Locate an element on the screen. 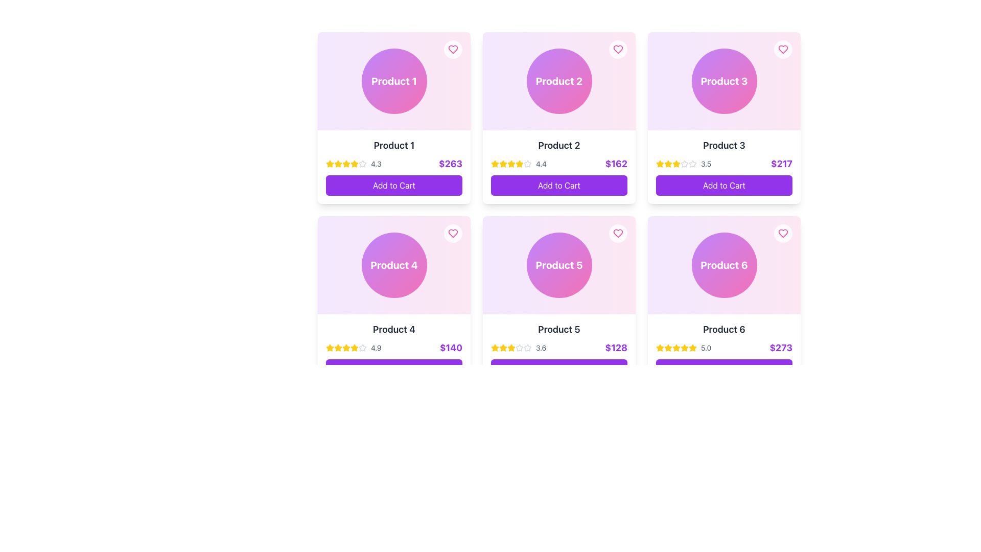 This screenshot has width=981, height=552. the star icon representing the rating score for 'Product 2', which is the seventh icon in the sequence of ten located in the rating section under 'Product 2' is located at coordinates (520, 163).